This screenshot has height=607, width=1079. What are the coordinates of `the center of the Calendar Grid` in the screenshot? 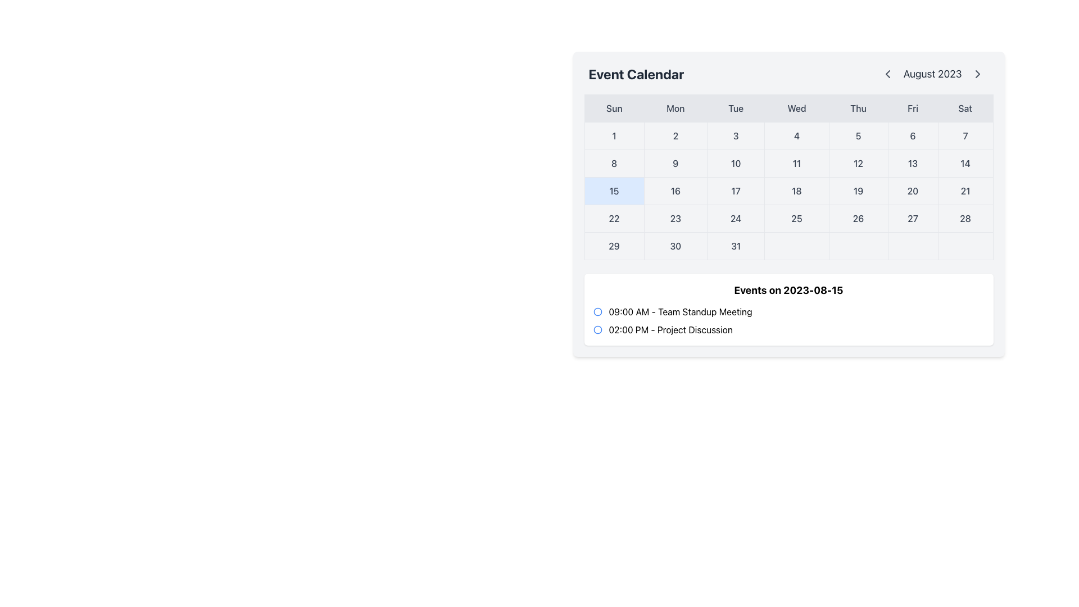 It's located at (788, 190).